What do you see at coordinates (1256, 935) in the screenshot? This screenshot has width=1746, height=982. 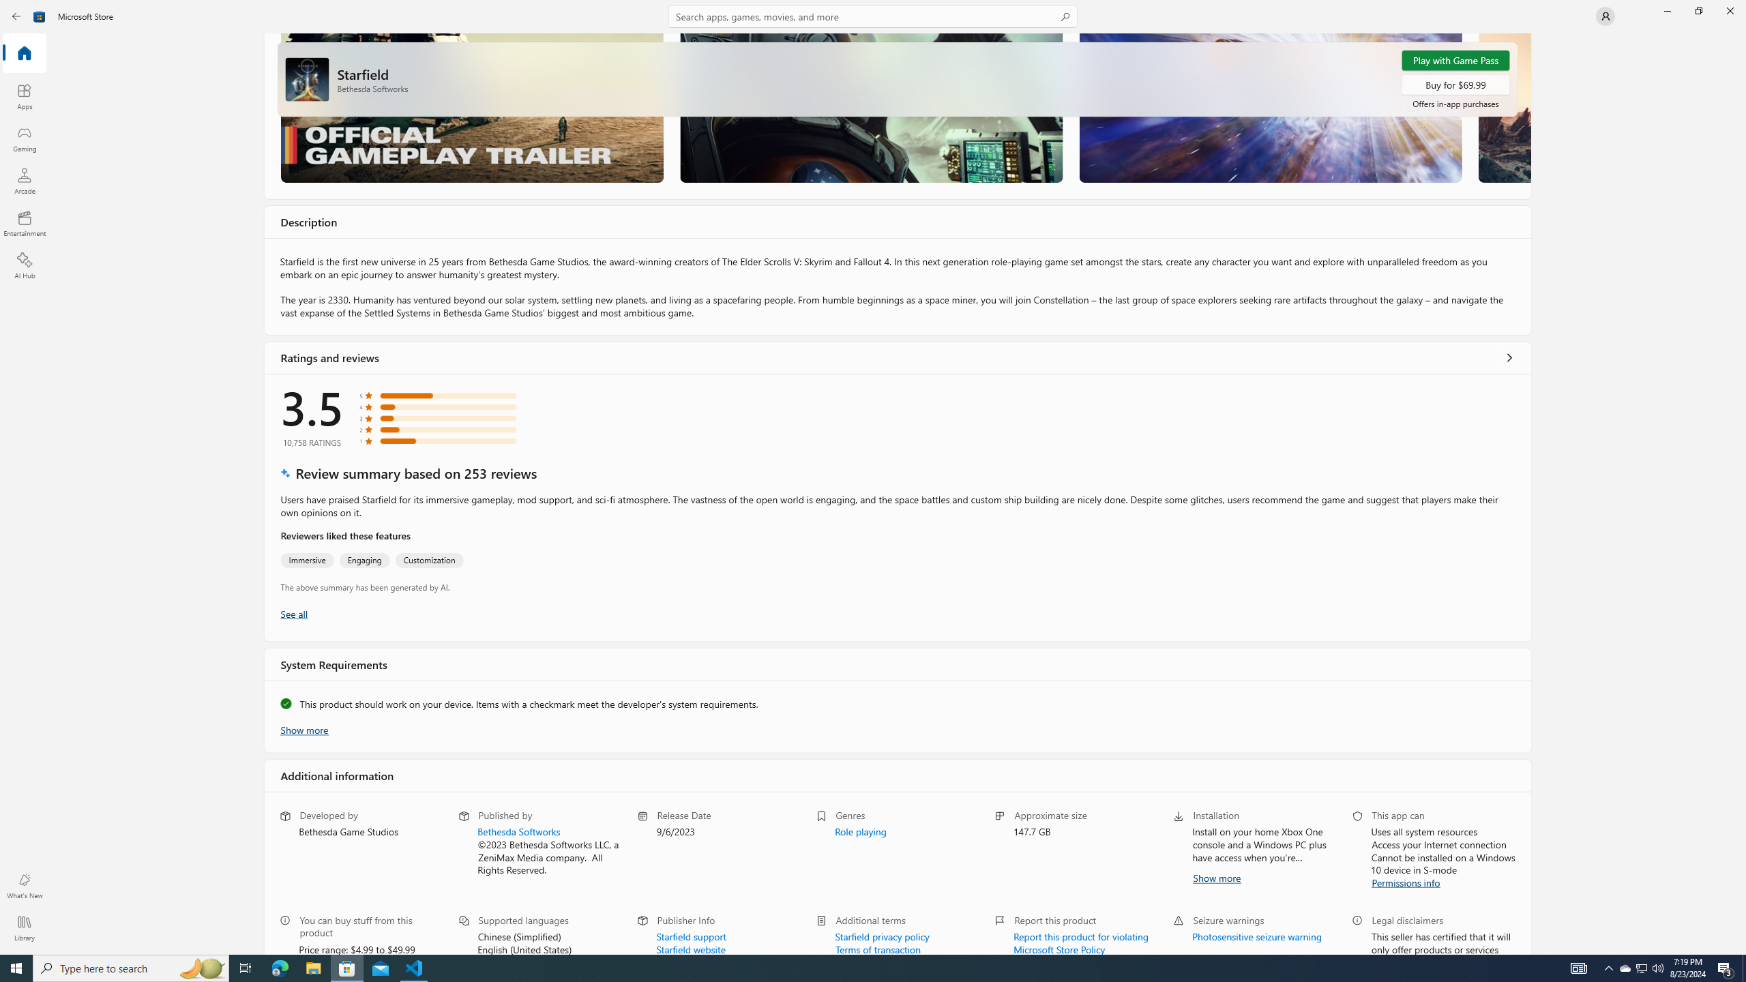 I see `'Photosensitive seizure warning'` at bounding box center [1256, 935].